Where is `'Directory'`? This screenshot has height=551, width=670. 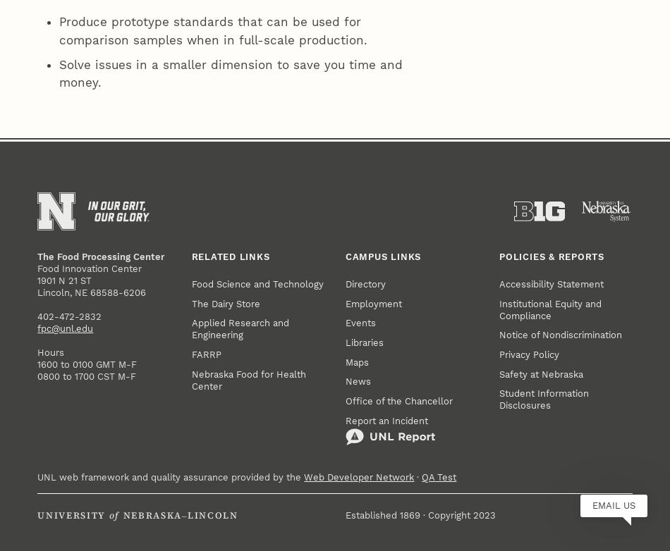
'Directory' is located at coordinates (365, 62).